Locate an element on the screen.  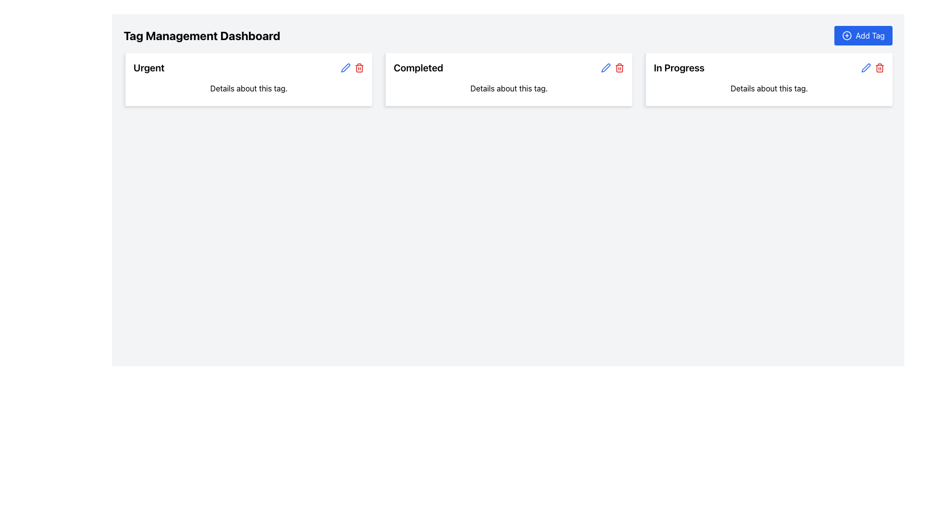
the pen icon button located in the top right corner of the 'In Progress' card in the third column is located at coordinates (866, 67).